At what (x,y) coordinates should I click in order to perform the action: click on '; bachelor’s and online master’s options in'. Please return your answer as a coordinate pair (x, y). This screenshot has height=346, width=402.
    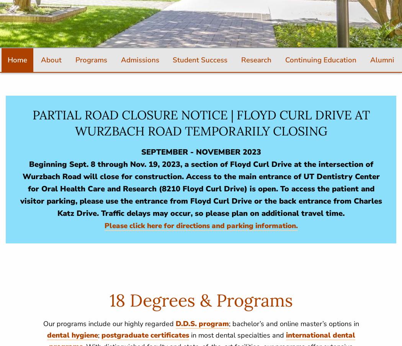
    Looking at the image, I should click on (228, 323).